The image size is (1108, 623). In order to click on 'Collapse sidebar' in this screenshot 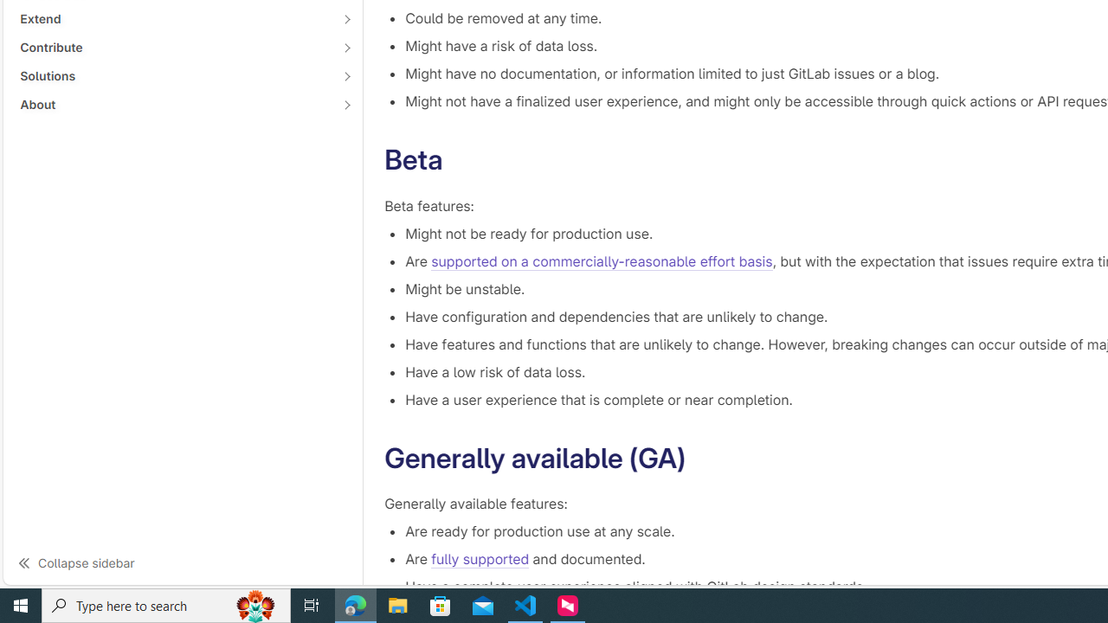, I will do `click(183, 562)`.